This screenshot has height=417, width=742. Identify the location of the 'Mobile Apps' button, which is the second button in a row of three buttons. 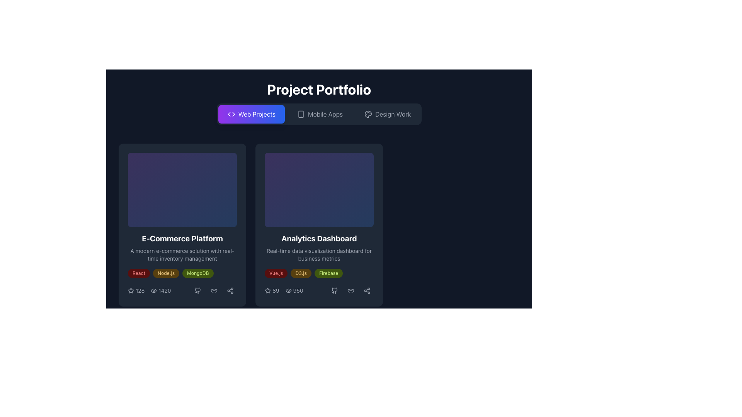
(320, 114).